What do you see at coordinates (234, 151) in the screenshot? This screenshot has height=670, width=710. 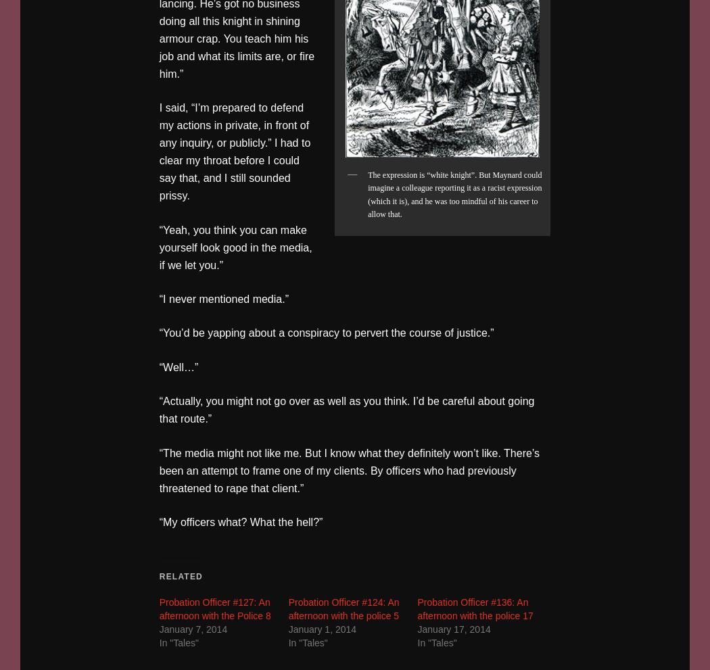 I see `'I said, “I’m prepared to defend my actions in private, in front of any inquiry, or publicly.” I had to clear my throat before I could say that, and I still sounded prissy.'` at bounding box center [234, 151].